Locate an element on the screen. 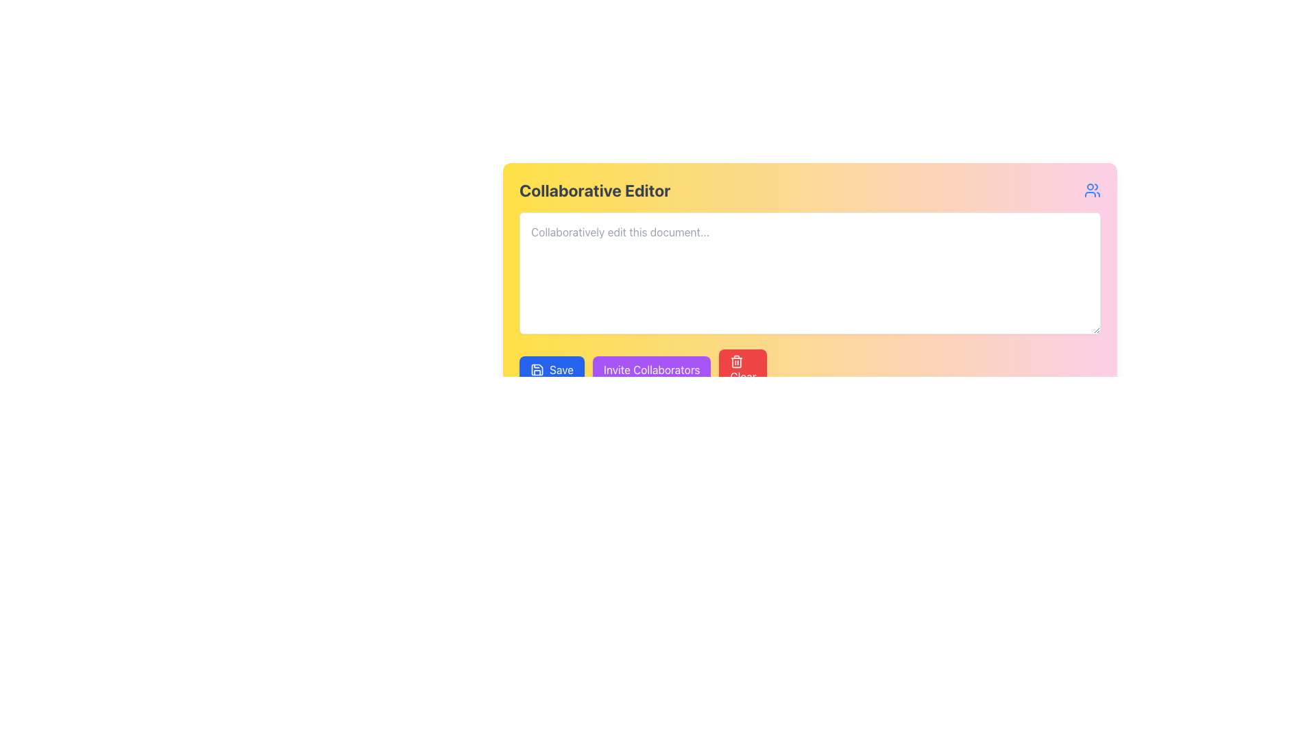 Image resolution: width=1316 pixels, height=740 pixels. the 'Save' button, which is a rectangular button with a blue background and white text, located below the text area in the user interface is located at coordinates (552, 370).